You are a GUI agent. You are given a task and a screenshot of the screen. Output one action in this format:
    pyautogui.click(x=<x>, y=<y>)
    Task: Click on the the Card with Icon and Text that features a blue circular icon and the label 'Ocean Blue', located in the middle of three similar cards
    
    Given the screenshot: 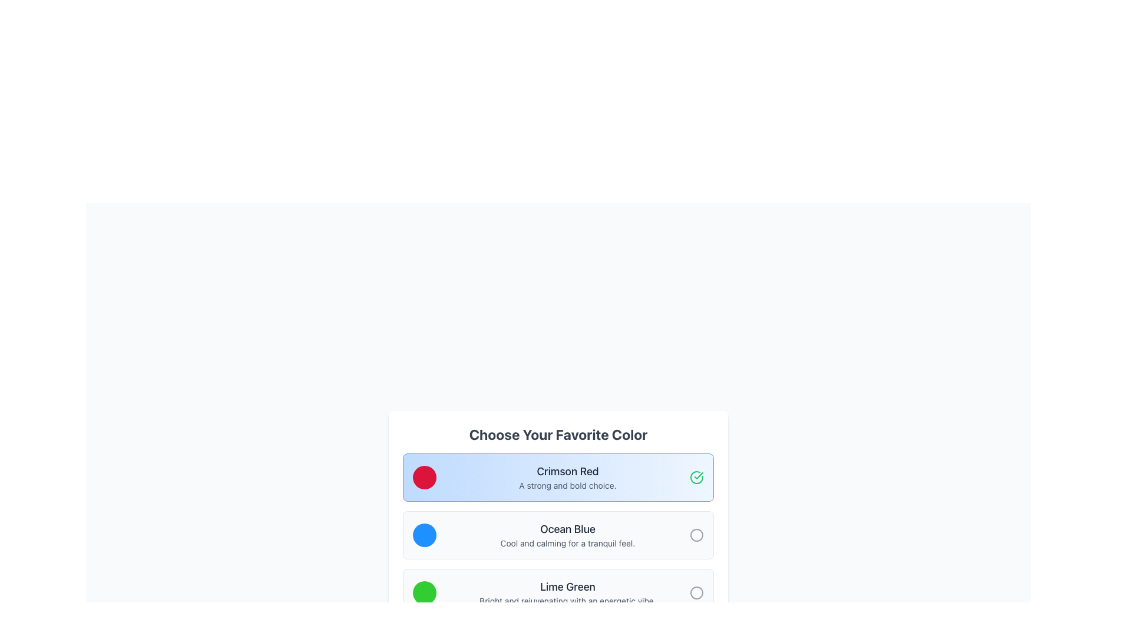 What is the action you would take?
    pyautogui.click(x=558, y=535)
    